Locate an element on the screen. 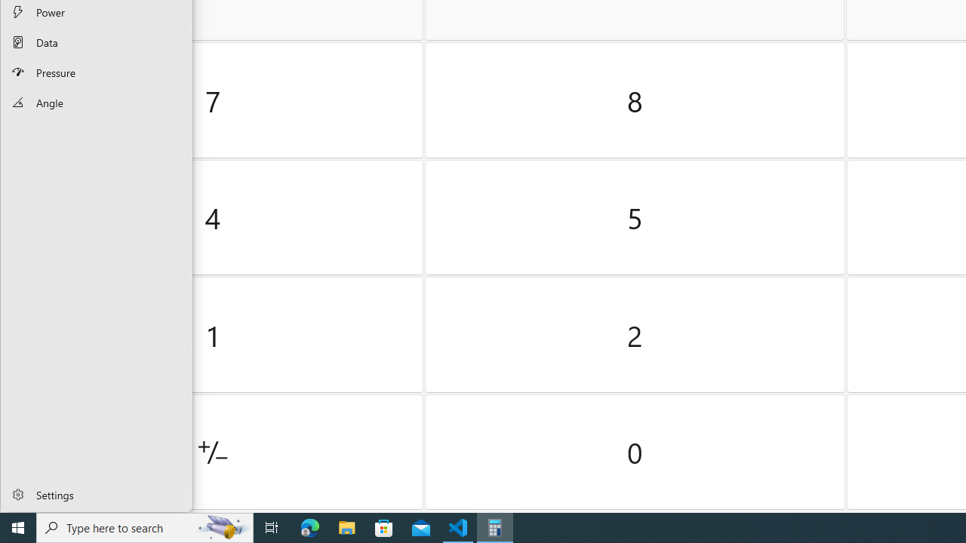 The height and width of the screenshot is (543, 966). 'Pressure Converter' is located at coordinates (96, 72).